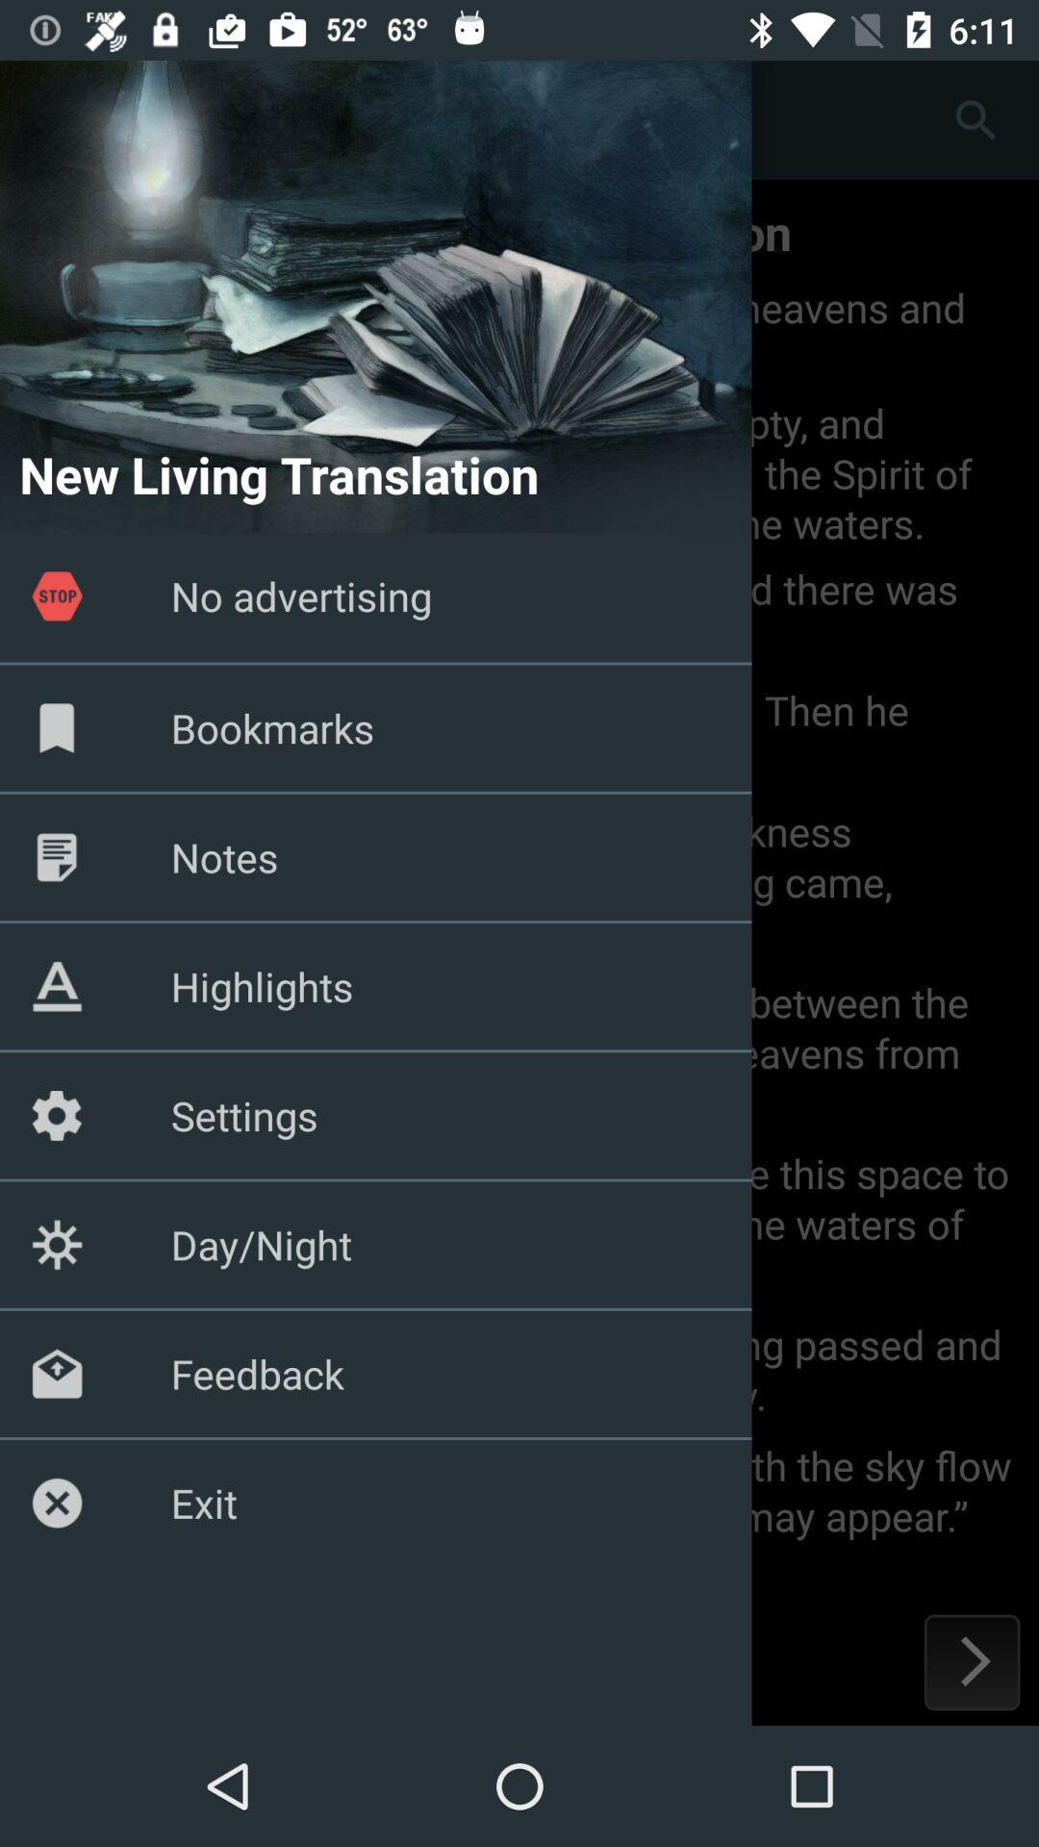  I want to click on the search icon, so click(976, 118).